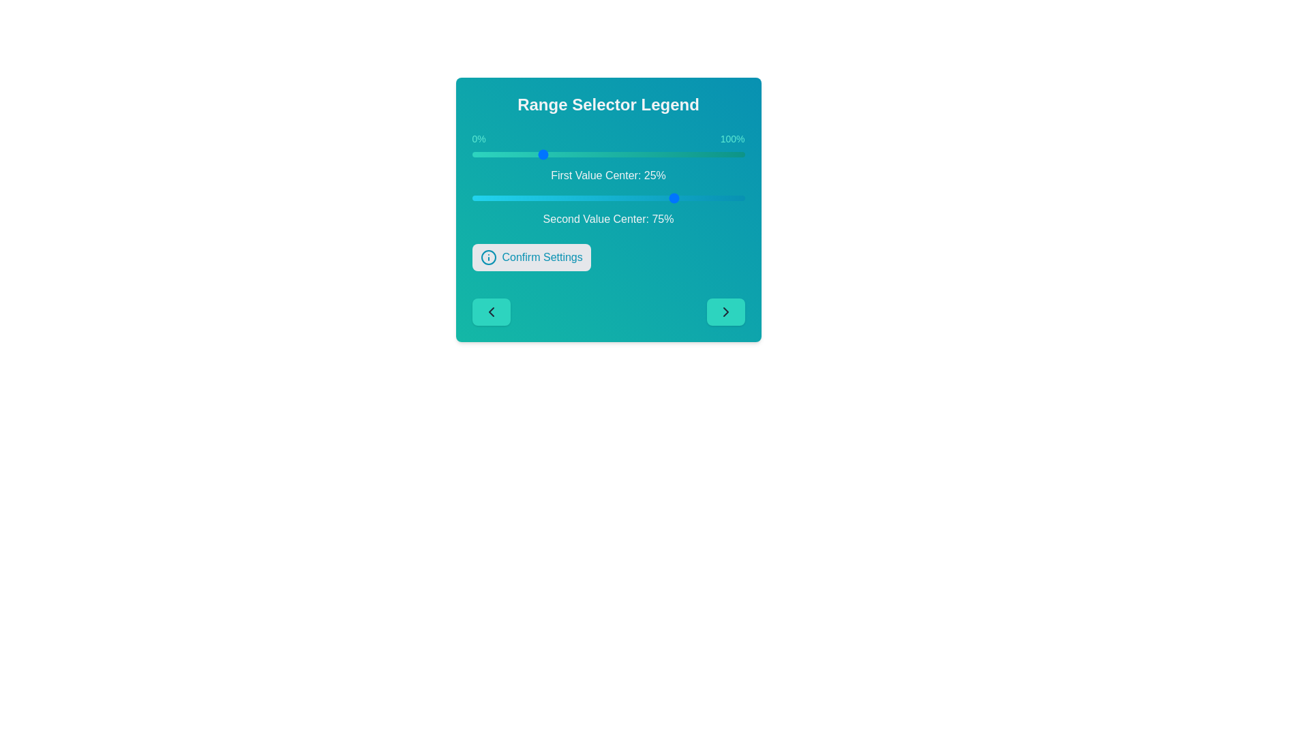  I want to click on the slider value, so click(610, 198).